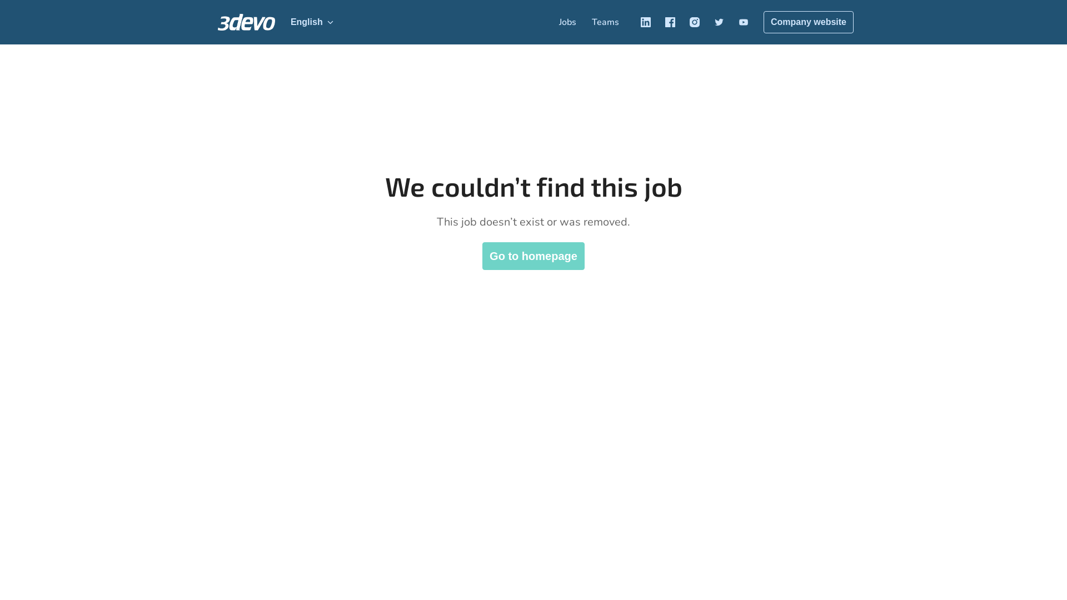  I want to click on 'Go to homepage', so click(533, 256).